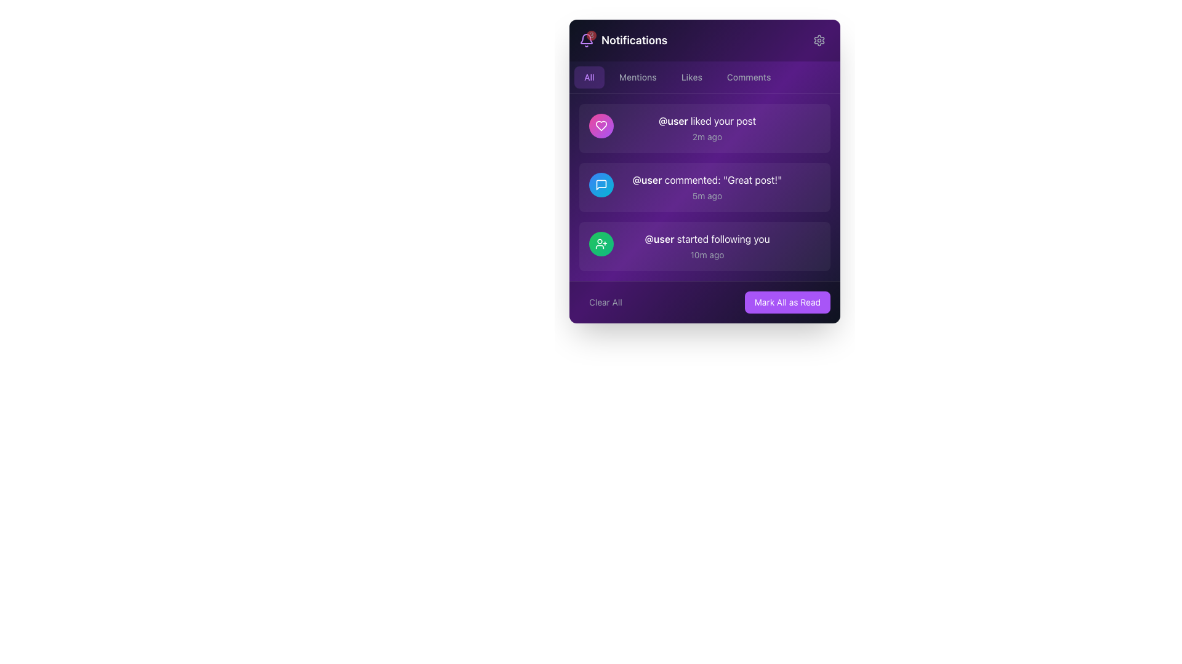  What do you see at coordinates (623, 39) in the screenshot?
I see `the Notifications icon with a red badge displaying the number 3, styled in white and purple tones, located in the top-left section of the notification popup panel for accessibility navigation` at bounding box center [623, 39].